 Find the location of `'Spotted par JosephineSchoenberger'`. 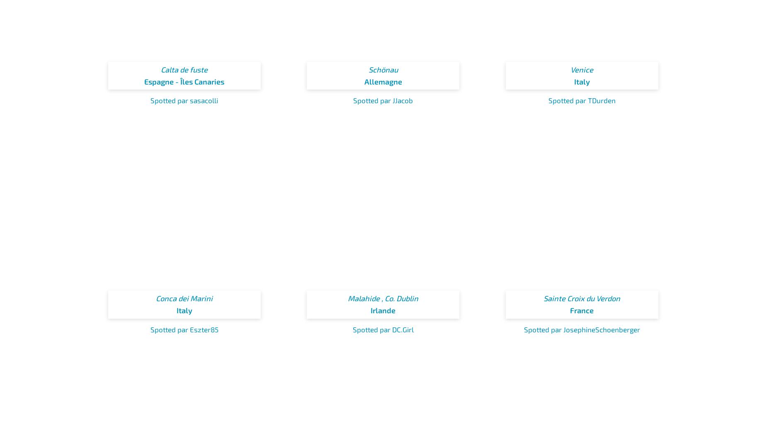

'Spotted par JosephineSchoenberger' is located at coordinates (523, 329).